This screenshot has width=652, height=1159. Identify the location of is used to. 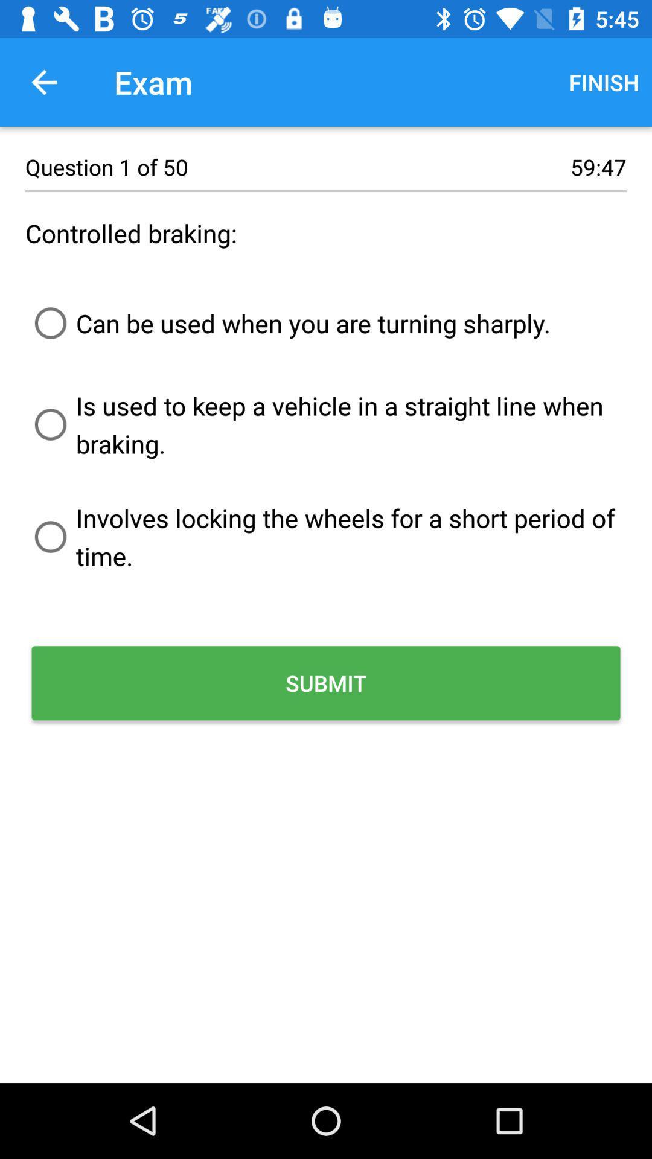
(326, 424).